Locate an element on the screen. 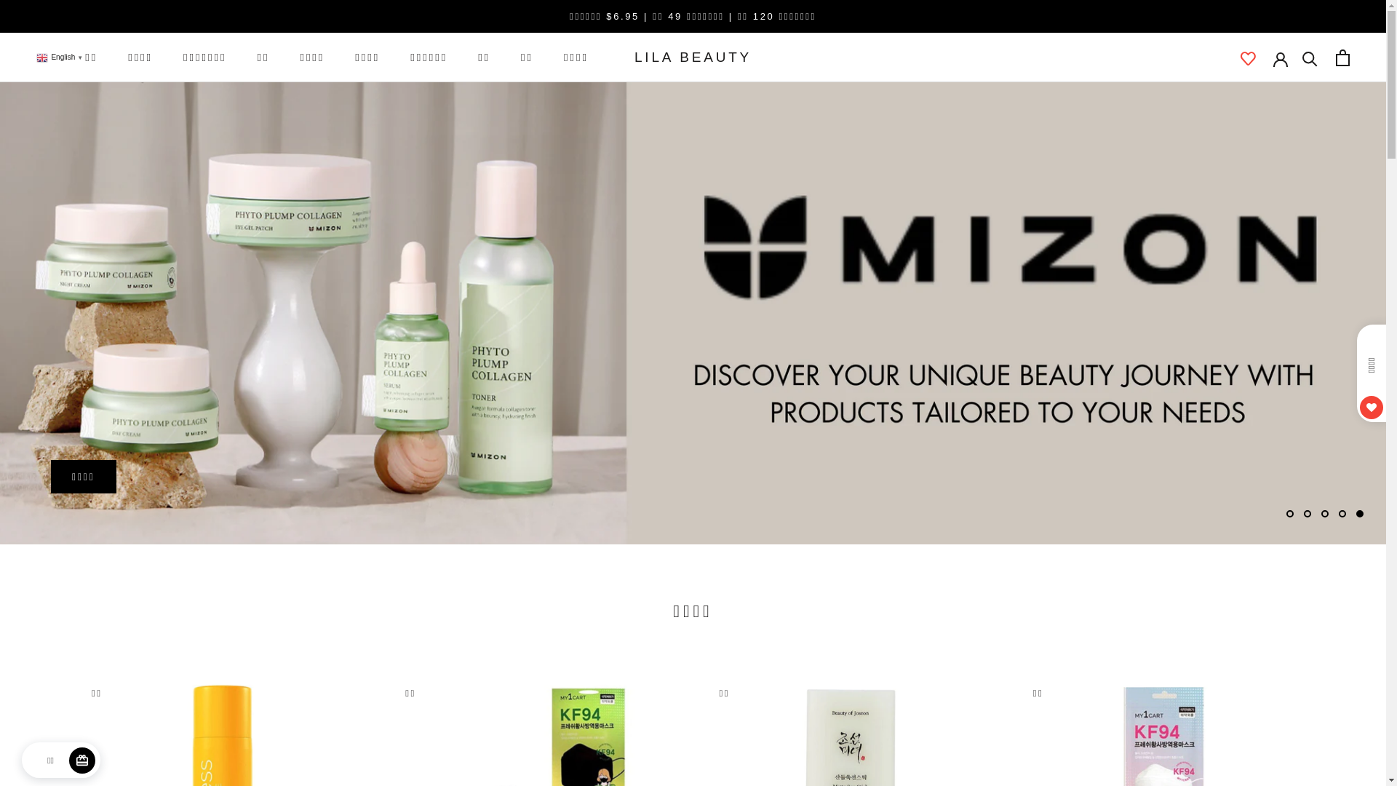 The height and width of the screenshot is (786, 1397). 'LILA BEAUTY' is located at coordinates (692, 56).